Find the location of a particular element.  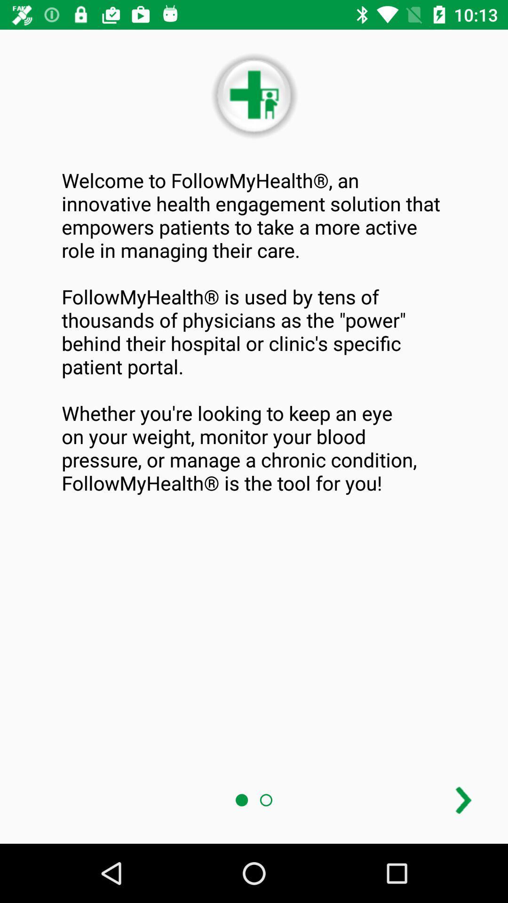

the item at the bottom right corner is located at coordinates (463, 800).